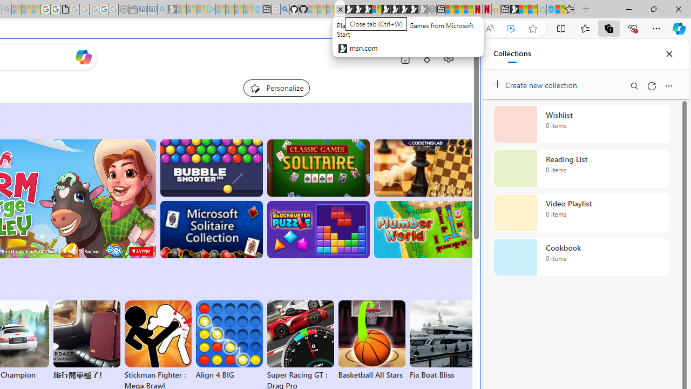 The image size is (691, 389). I want to click on 'Services - Maintenance | Sky Blue Bikes - Sky Blue Bikes', so click(551, 9).